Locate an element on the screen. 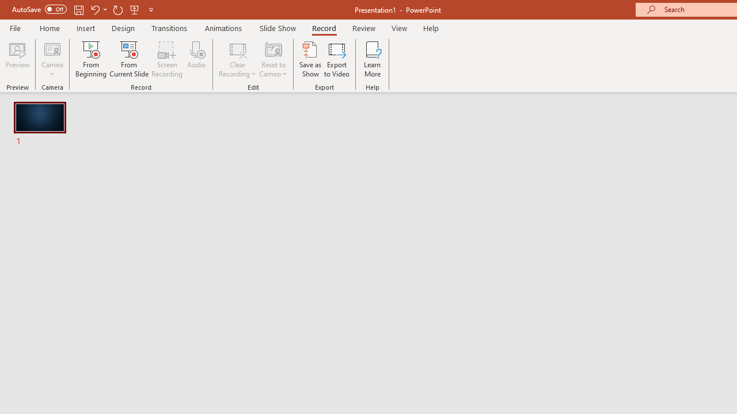  'Slide' is located at coordinates (40, 125).